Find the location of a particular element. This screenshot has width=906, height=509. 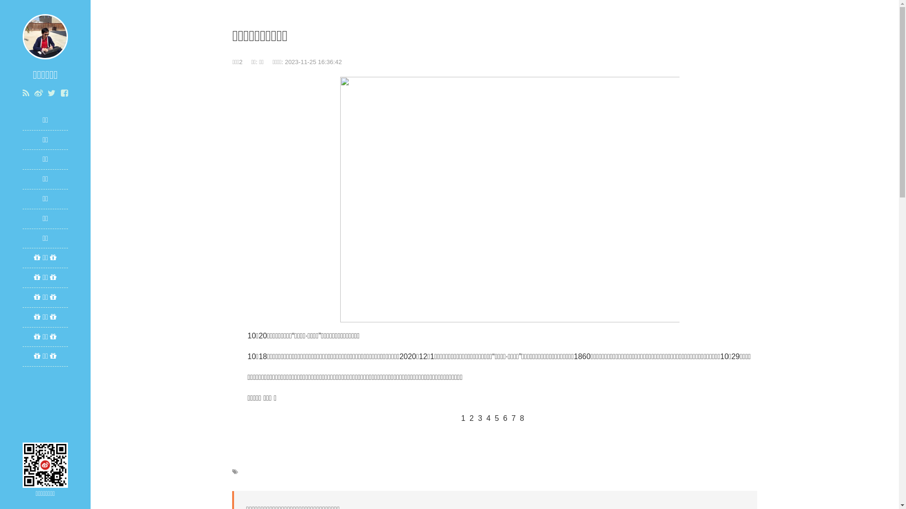

'Twitter' is located at coordinates (51, 93).